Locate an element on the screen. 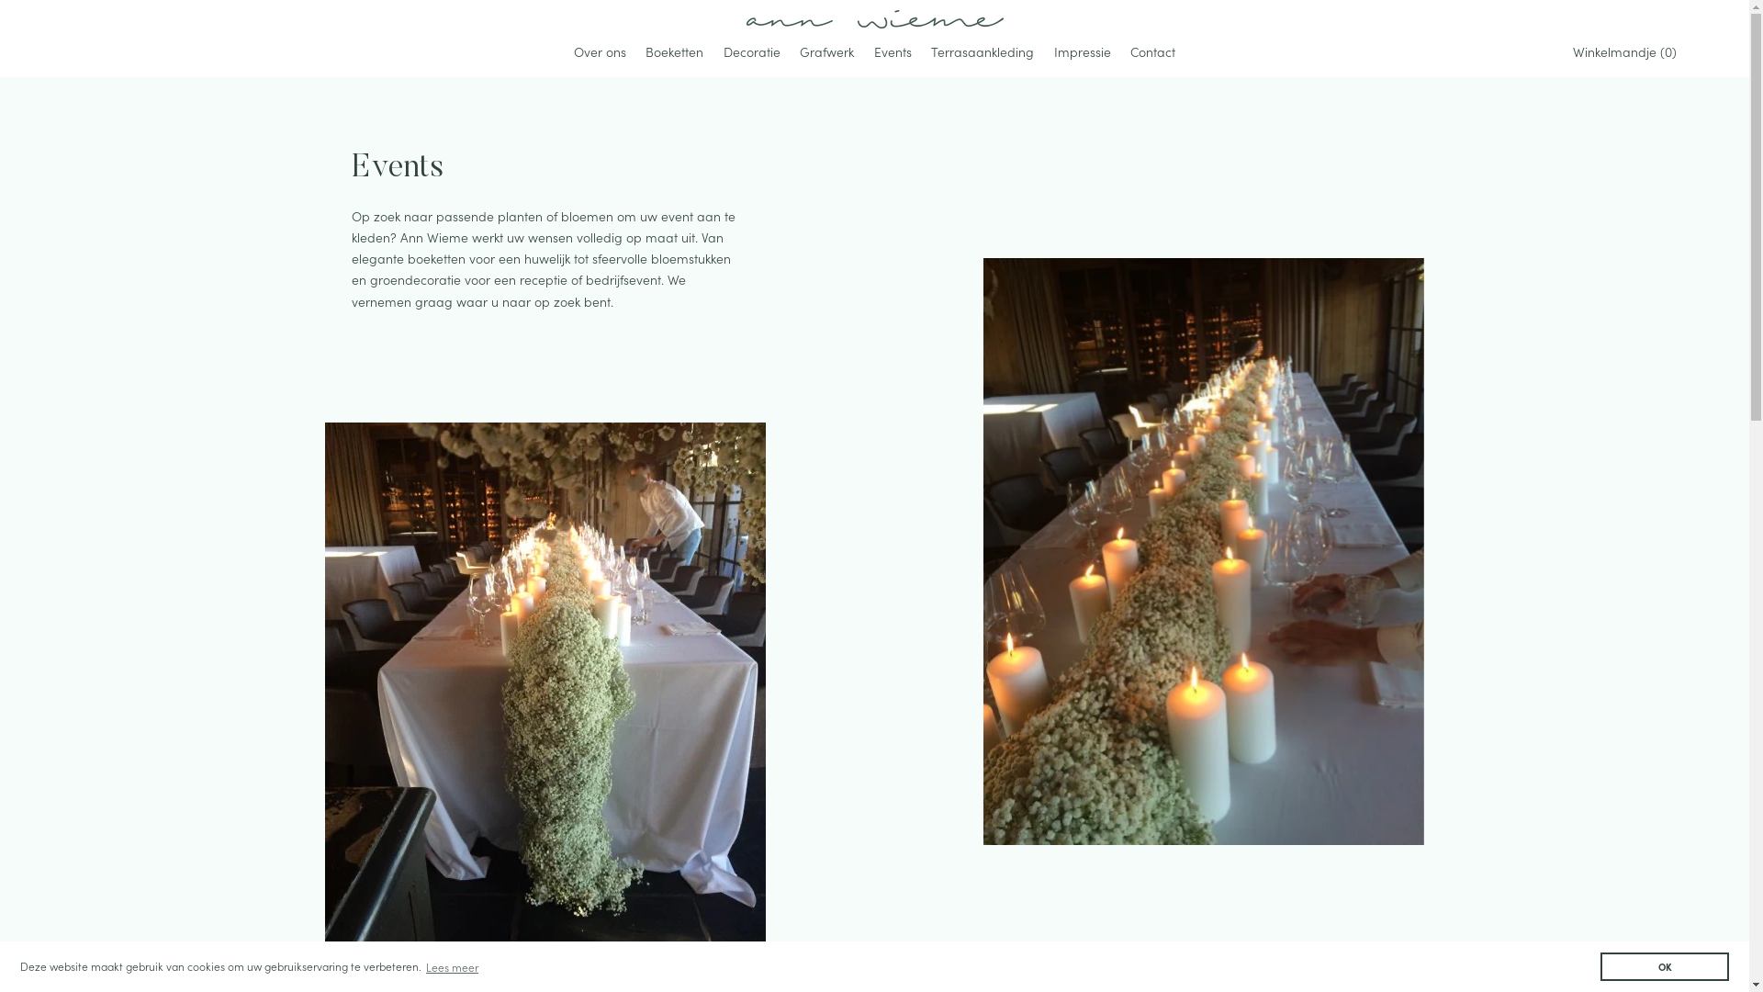  'Decoratie' is located at coordinates (752, 52).